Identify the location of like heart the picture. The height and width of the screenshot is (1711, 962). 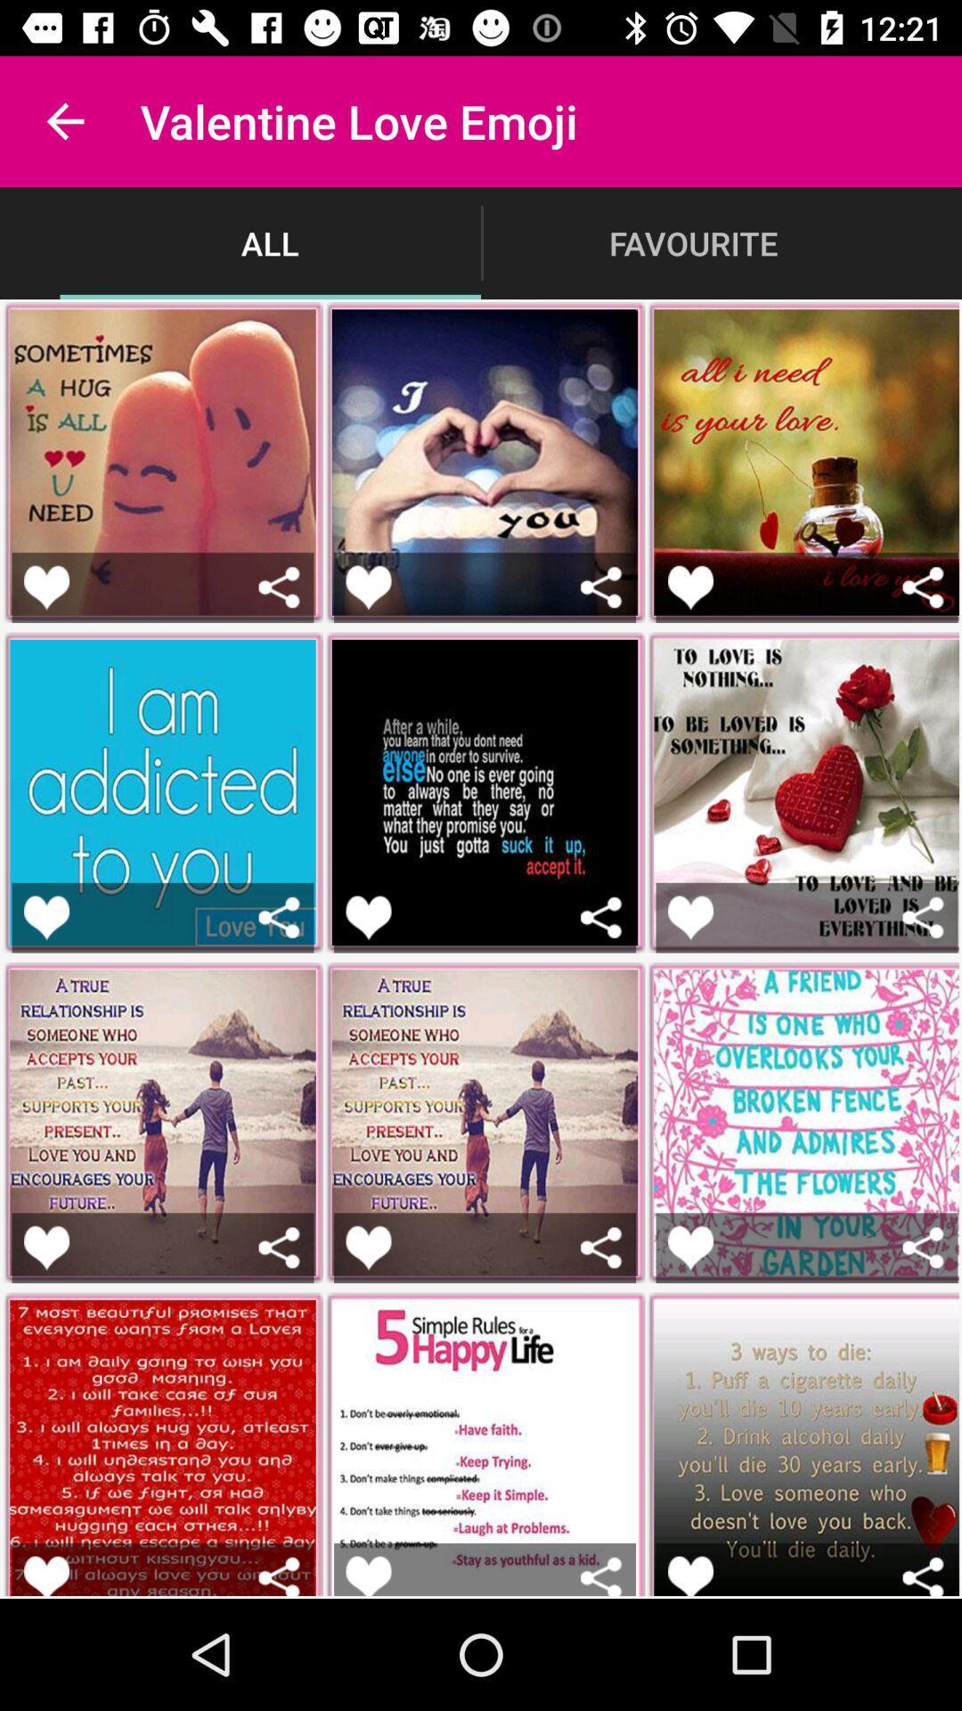
(45, 917).